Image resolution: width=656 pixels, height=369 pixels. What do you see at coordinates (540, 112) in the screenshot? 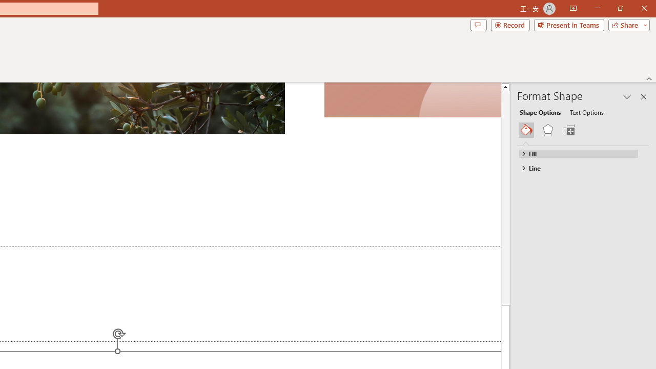
I see `'Shape Options'` at bounding box center [540, 112].